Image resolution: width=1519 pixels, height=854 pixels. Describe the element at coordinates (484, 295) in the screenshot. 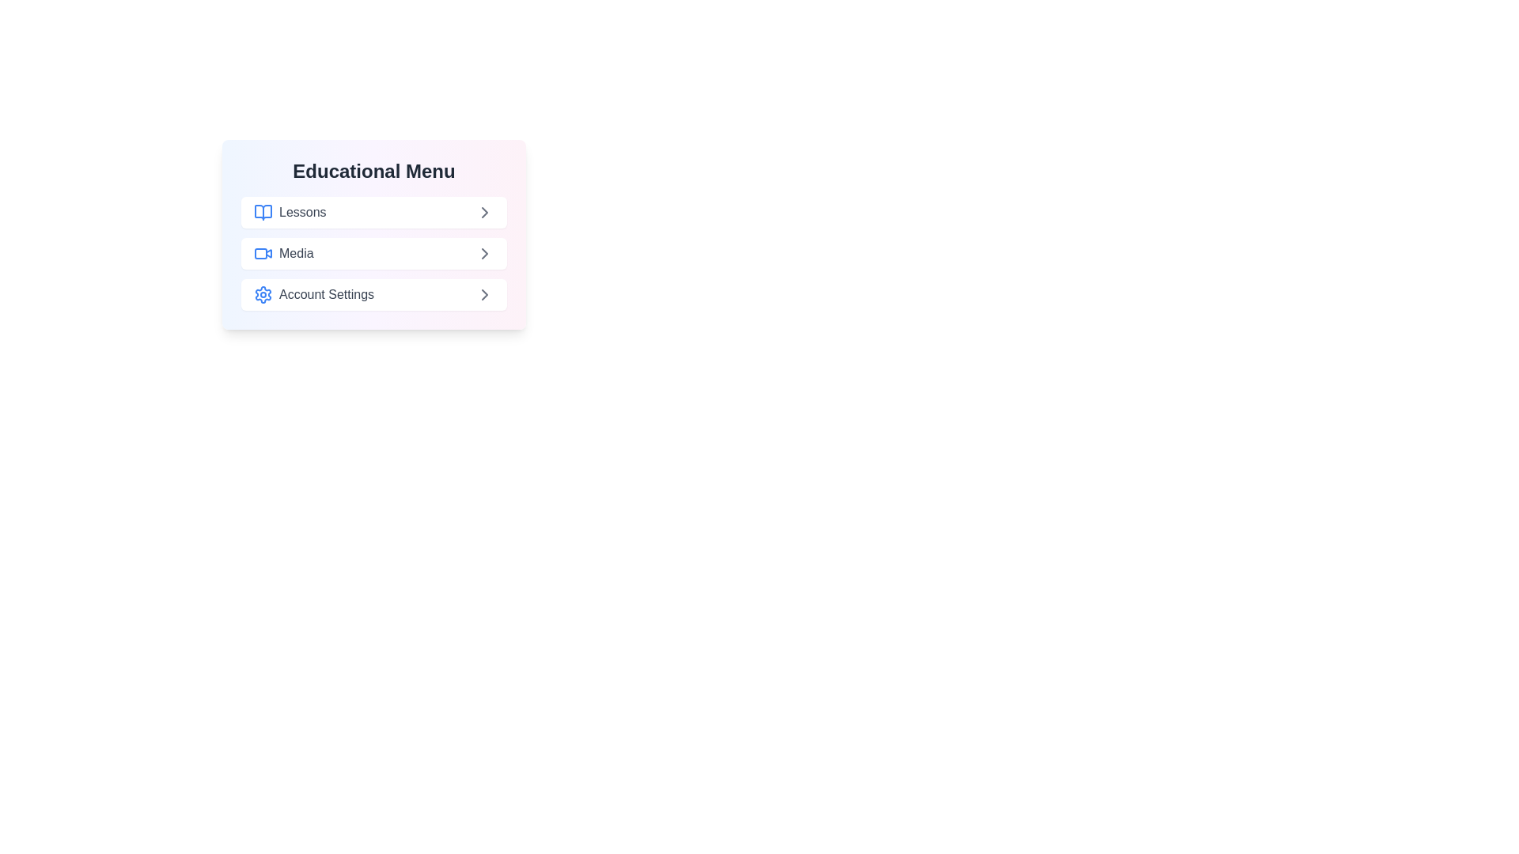

I see `the rightward-pointing chevron icon associated with the 'Account Settings' menu item` at that location.